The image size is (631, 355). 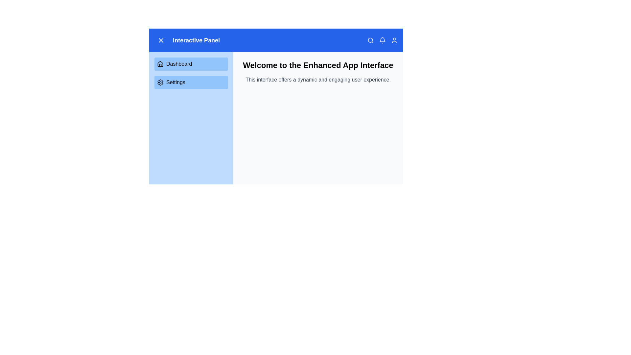 What do you see at coordinates (187, 40) in the screenshot?
I see `the static label displaying the name of the current panel located in the top-left section of the blue header bar, positioned to the right of the close icon` at bounding box center [187, 40].